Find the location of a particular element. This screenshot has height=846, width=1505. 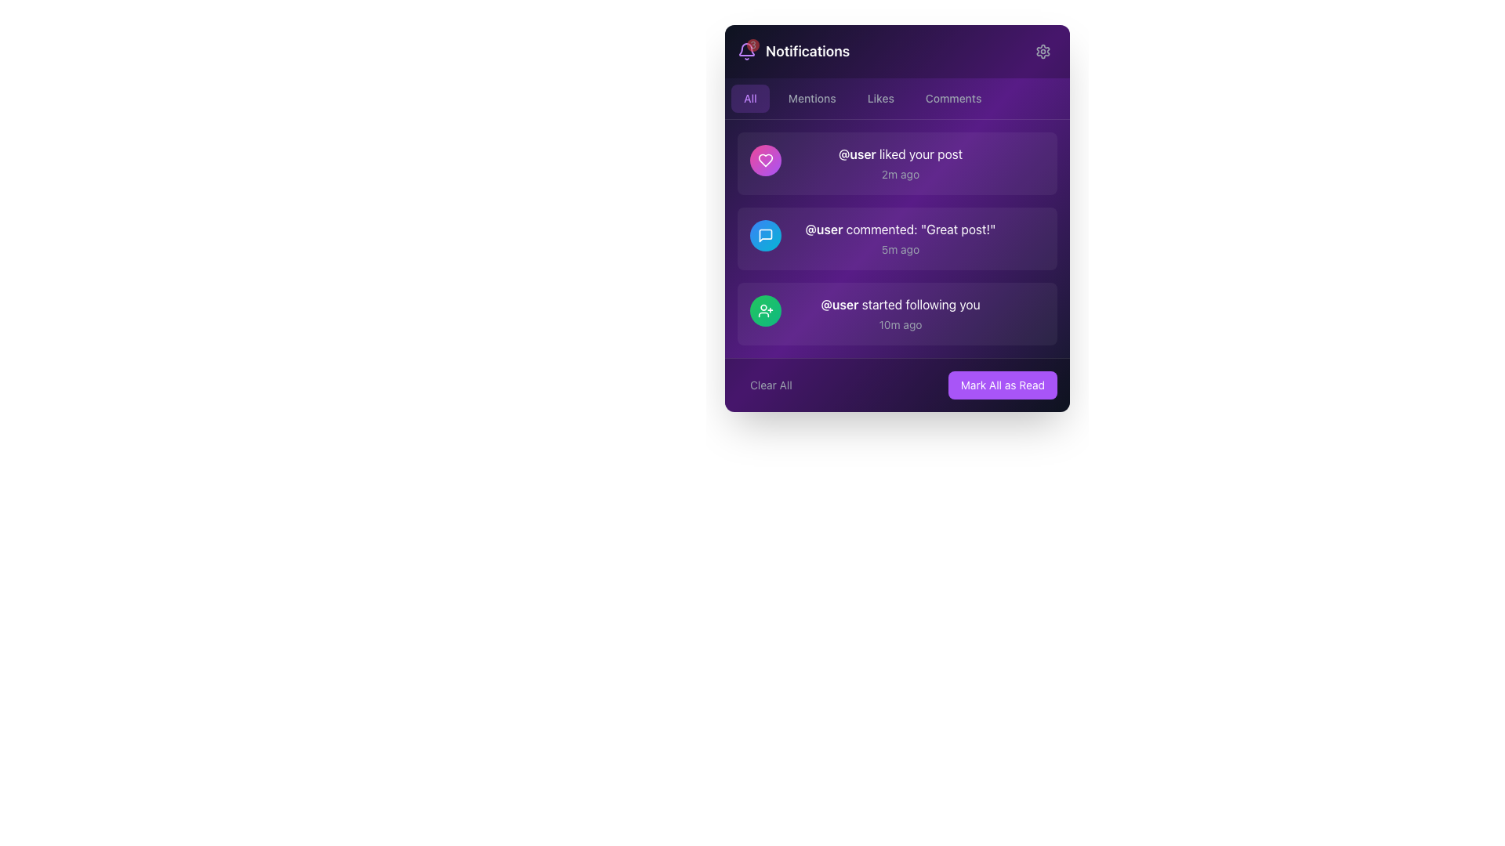

the notification indicating that another user has liked the user's post, which is the top-most item in the notification panel is located at coordinates (898, 163).